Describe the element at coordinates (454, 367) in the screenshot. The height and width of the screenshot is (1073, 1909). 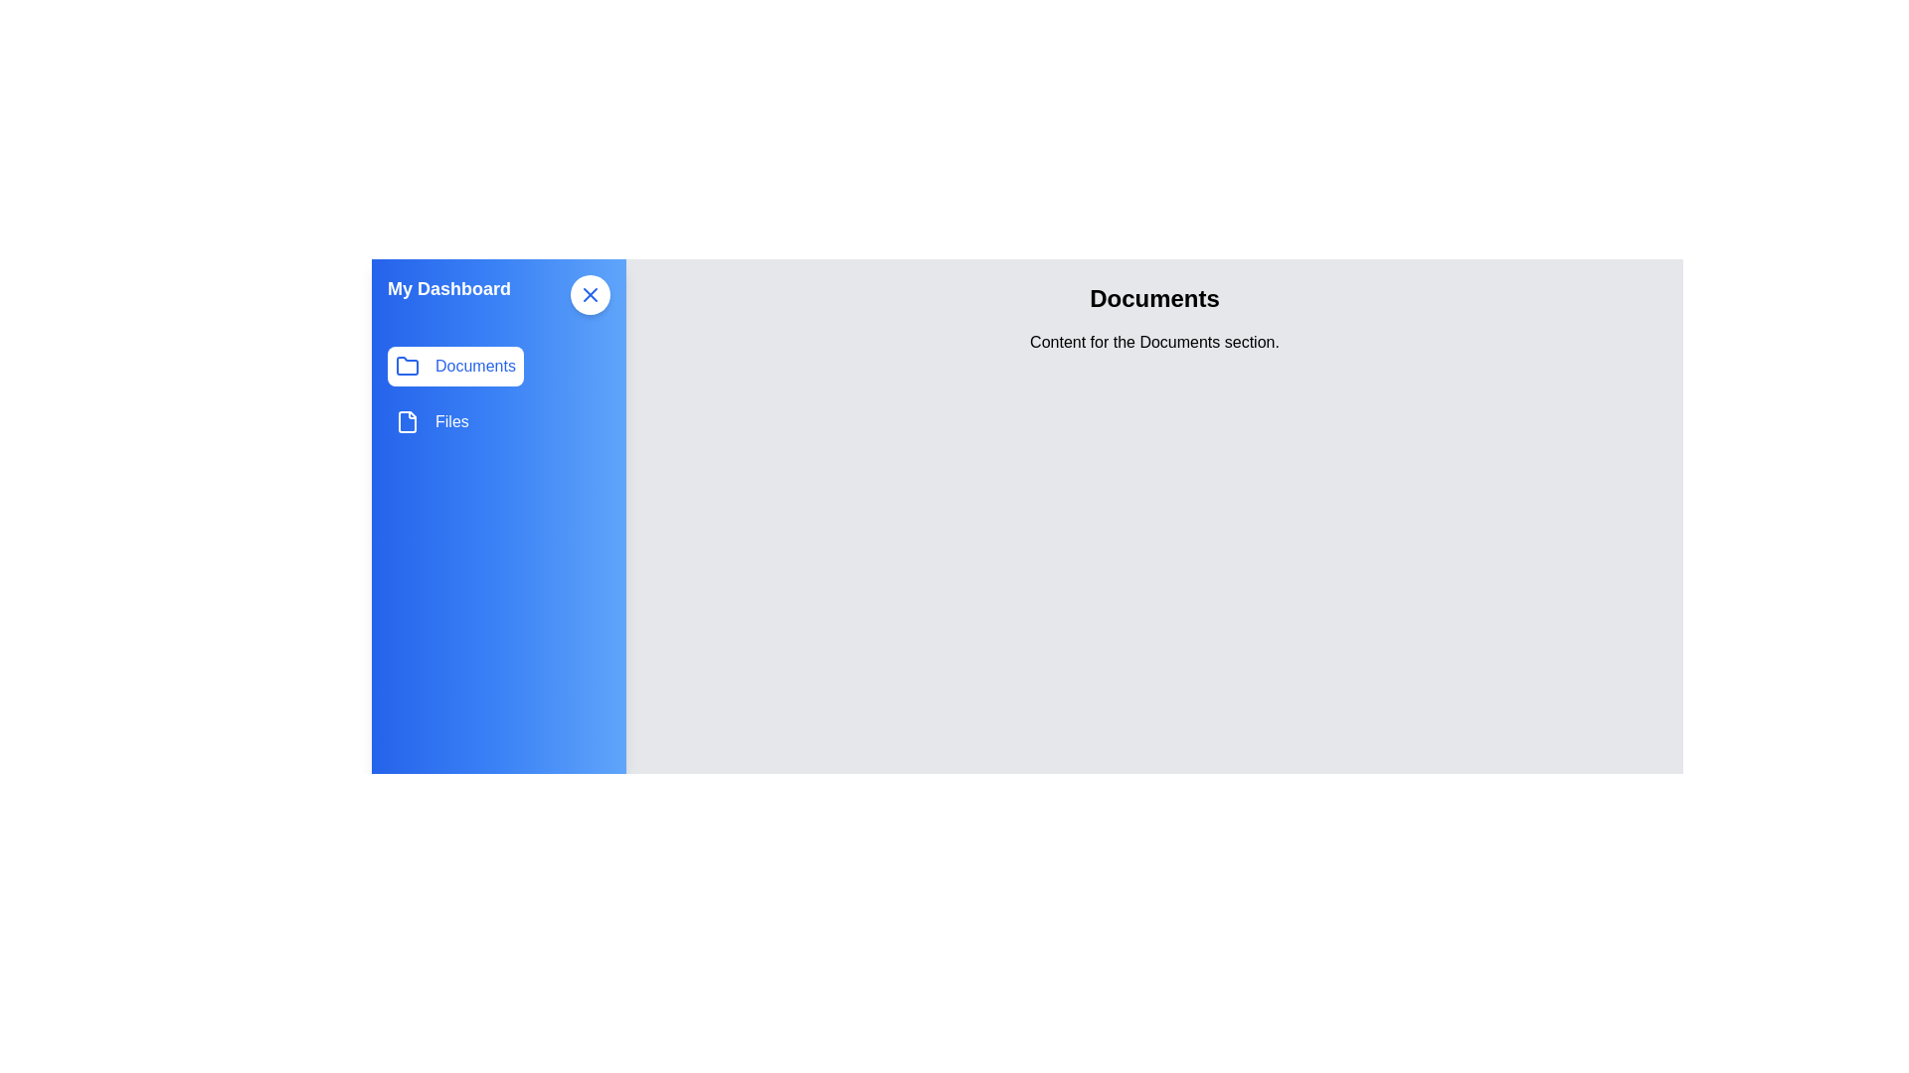
I see `the element Documents to explore its layout` at that location.